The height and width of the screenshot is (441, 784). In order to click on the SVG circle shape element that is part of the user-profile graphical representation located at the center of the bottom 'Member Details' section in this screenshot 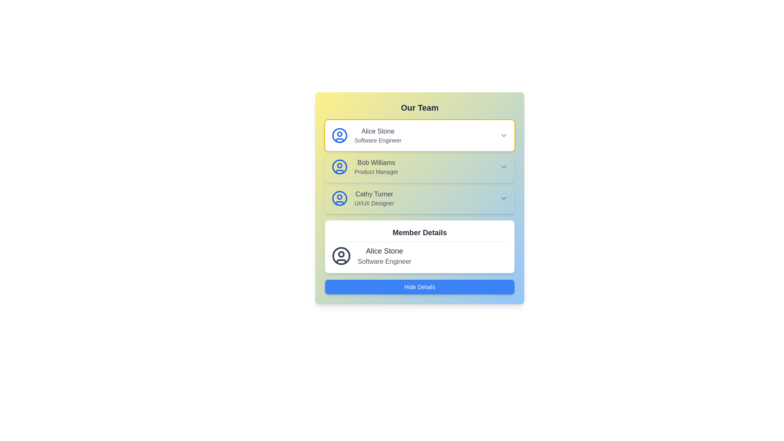, I will do `click(341, 256)`.